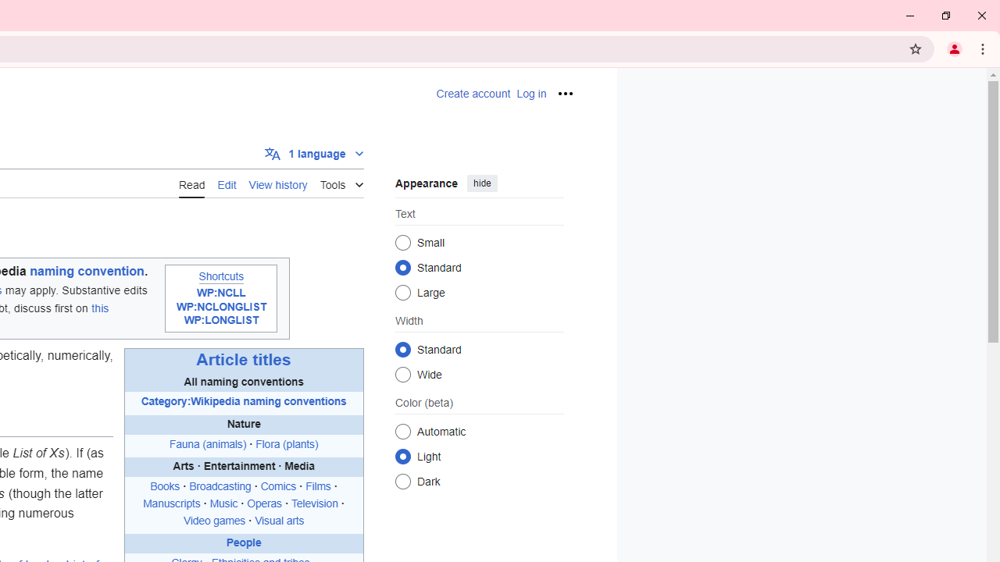  Describe the element at coordinates (165, 486) in the screenshot. I see `'Books'` at that location.